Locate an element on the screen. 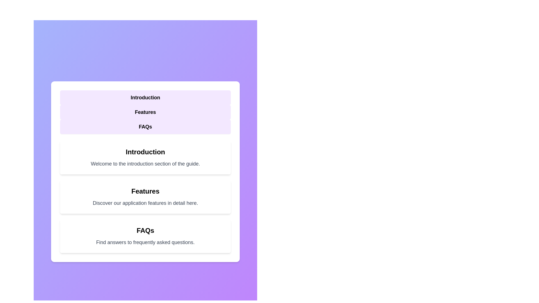 The height and width of the screenshot is (303, 539). the 'Features' informational section is located at coordinates (145, 197).